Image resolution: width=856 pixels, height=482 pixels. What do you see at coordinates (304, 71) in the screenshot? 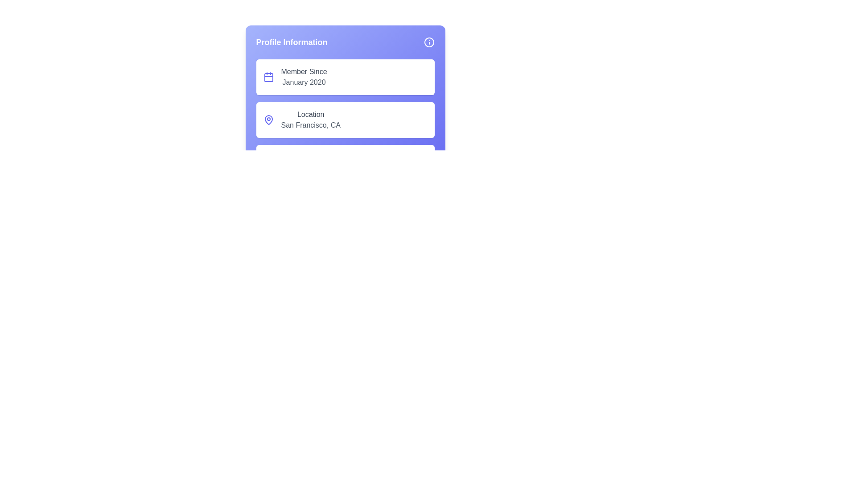
I see `the 'Member Since' static text label located in the 'Profile Information' section, positioned above the text 'January 2020'` at bounding box center [304, 71].